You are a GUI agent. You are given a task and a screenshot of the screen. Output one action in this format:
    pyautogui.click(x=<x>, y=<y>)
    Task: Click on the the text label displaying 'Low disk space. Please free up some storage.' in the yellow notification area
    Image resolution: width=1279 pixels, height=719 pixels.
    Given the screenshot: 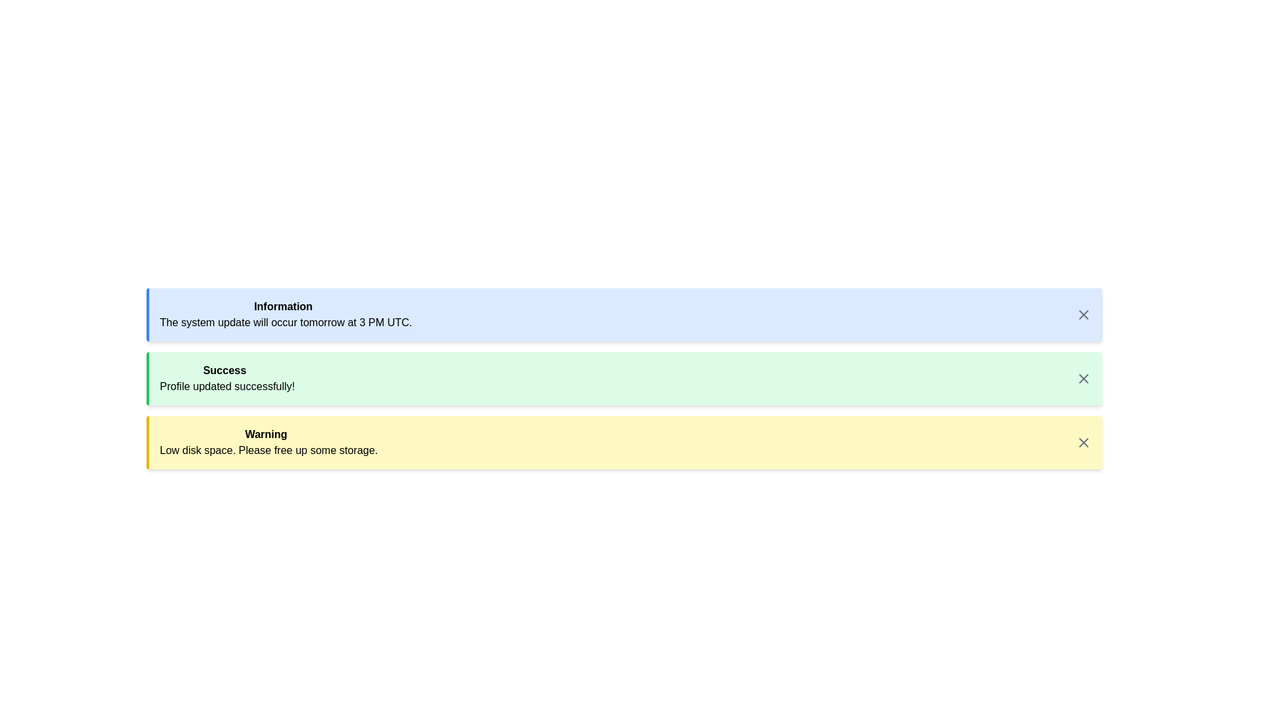 What is the action you would take?
    pyautogui.click(x=268, y=450)
    